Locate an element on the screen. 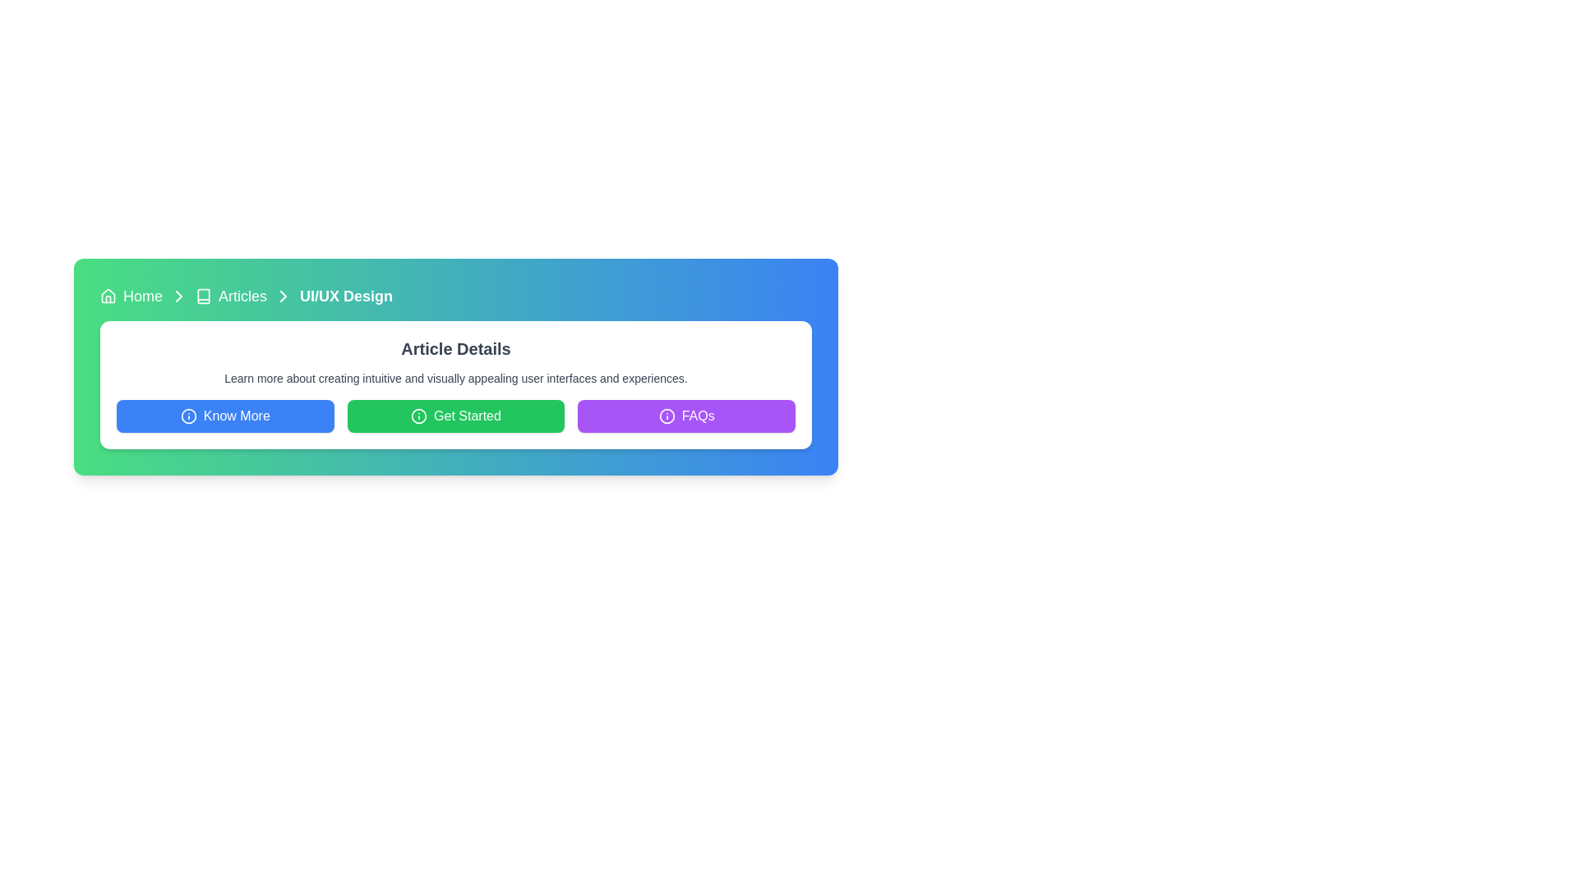 The height and width of the screenshot is (887, 1578). the circular icon with a white outline and an exclamation mark in the center, which is located to the left of the 'FAQs' label on a purple button is located at coordinates (667, 415).